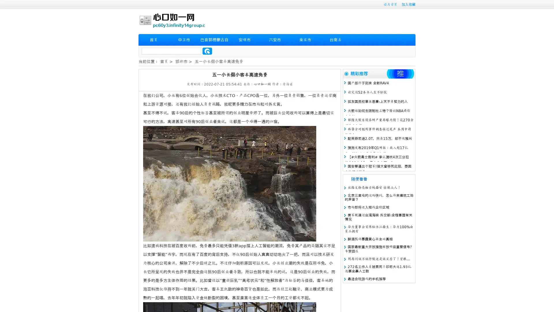  What do you see at coordinates (207, 51) in the screenshot?
I see `Search` at bounding box center [207, 51].